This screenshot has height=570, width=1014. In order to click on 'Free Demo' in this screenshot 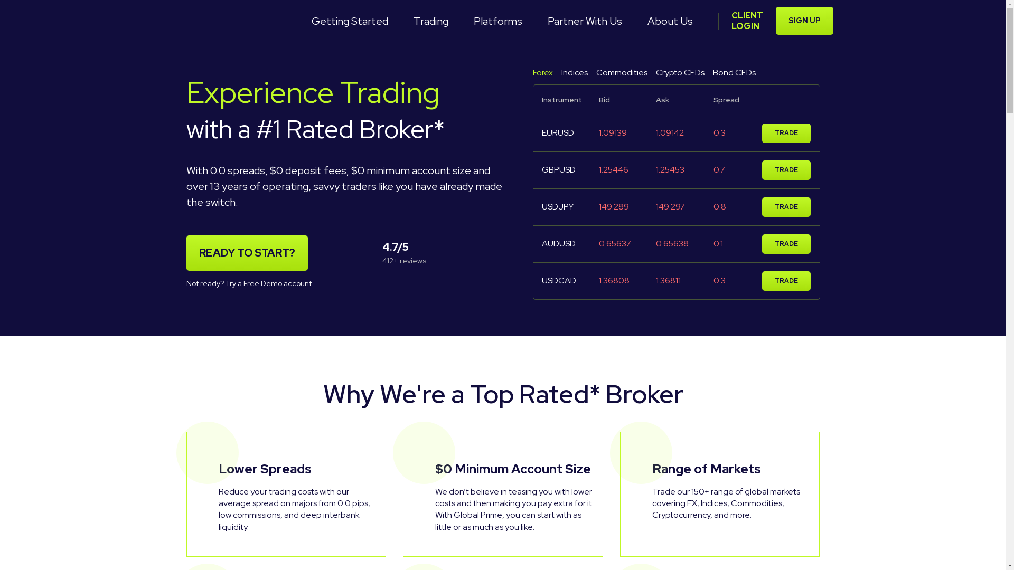, I will do `click(262, 282)`.